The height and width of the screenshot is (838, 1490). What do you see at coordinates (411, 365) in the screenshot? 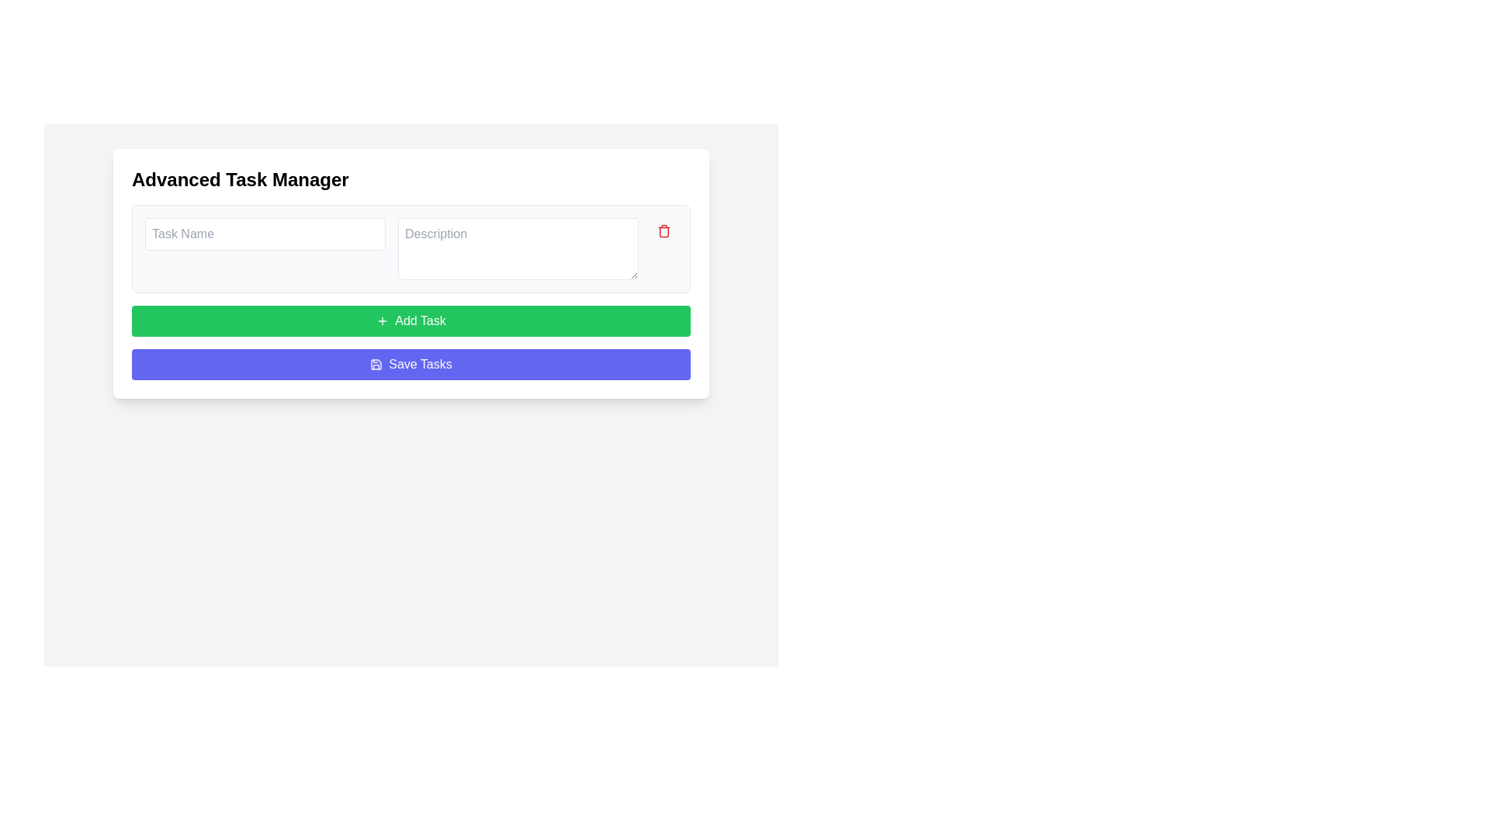
I see `the 'Save Tasks' button with a purple background, which features a floppy disk icon and is located at the bottom of the application layout` at bounding box center [411, 365].